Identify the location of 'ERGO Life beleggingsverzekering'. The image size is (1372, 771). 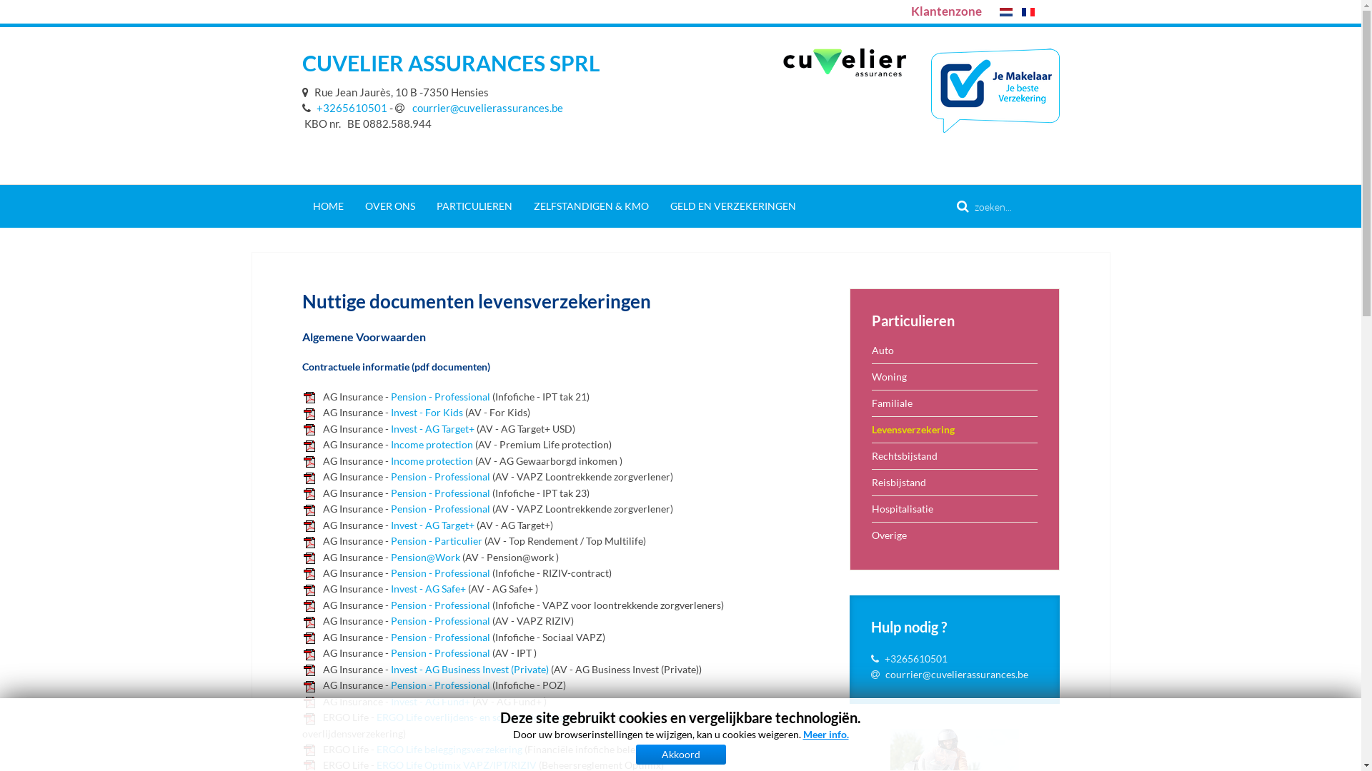
(448, 748).